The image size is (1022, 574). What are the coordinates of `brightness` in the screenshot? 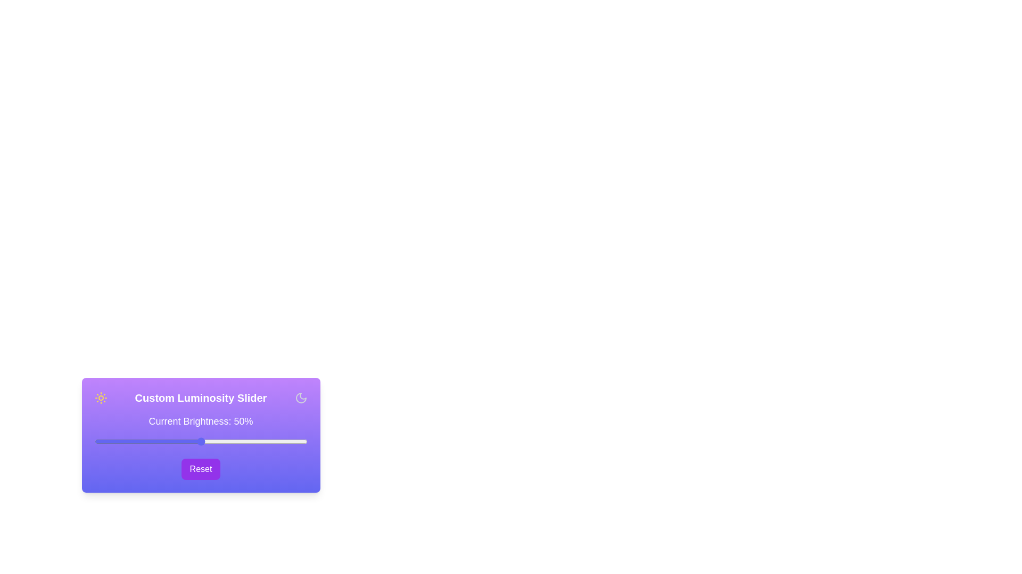 It's located at (120, 441).